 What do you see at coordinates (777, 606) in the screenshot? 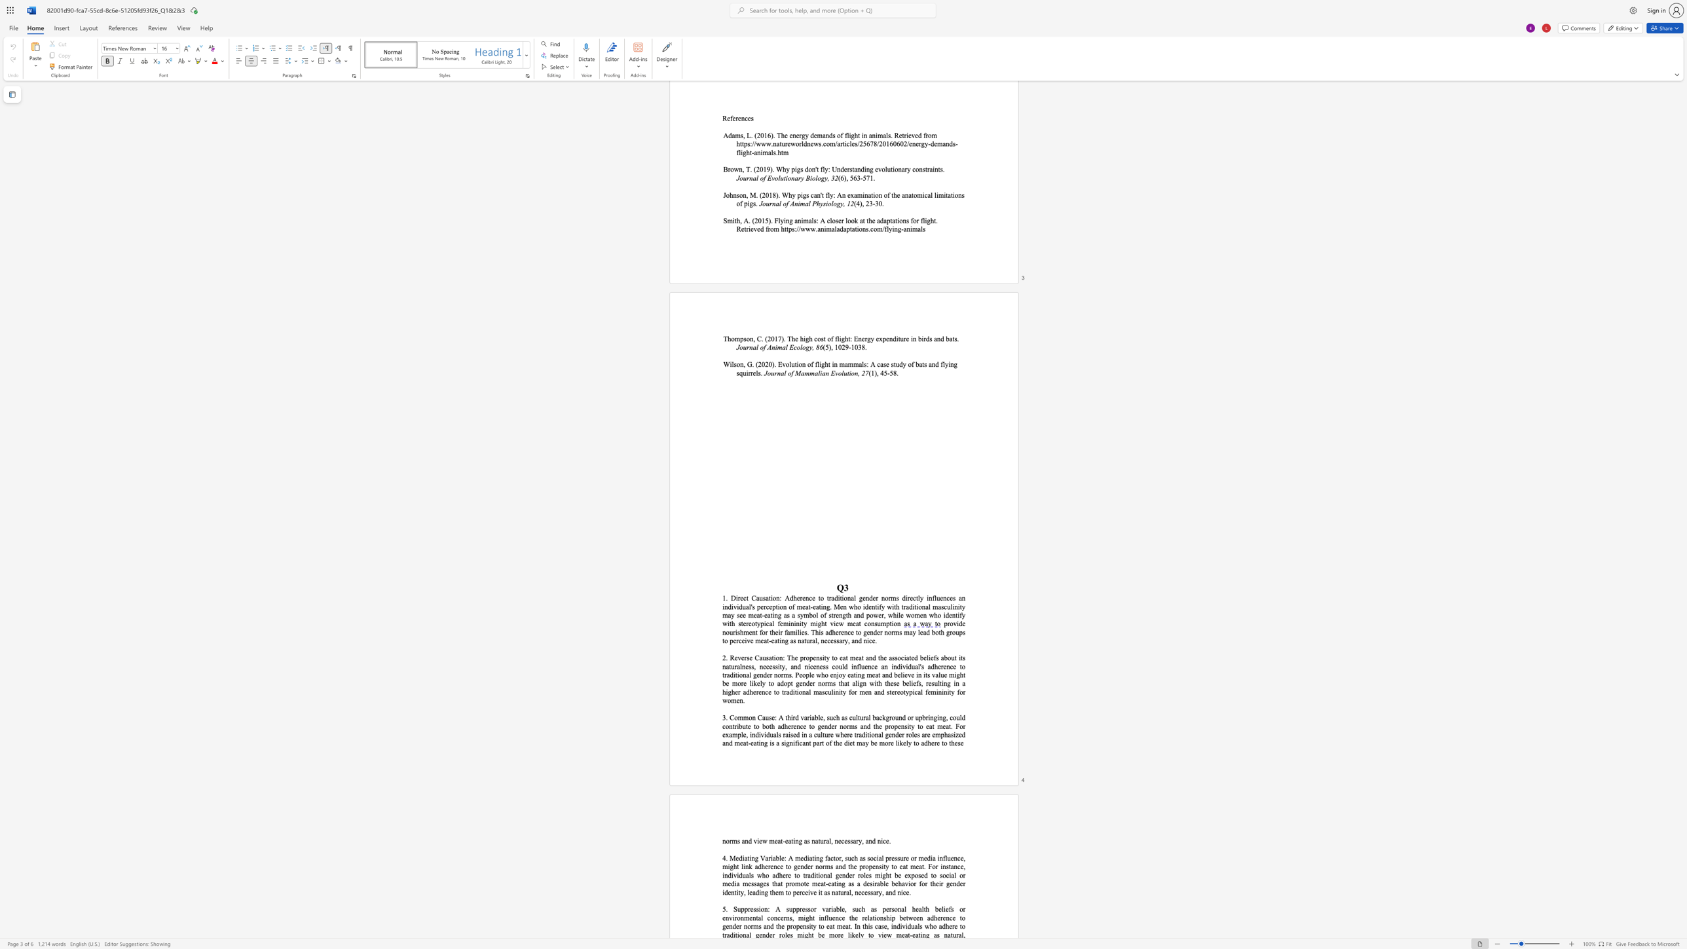
I see `the subset text "ion" within the text "perception"` at bounding box center [777, 606].